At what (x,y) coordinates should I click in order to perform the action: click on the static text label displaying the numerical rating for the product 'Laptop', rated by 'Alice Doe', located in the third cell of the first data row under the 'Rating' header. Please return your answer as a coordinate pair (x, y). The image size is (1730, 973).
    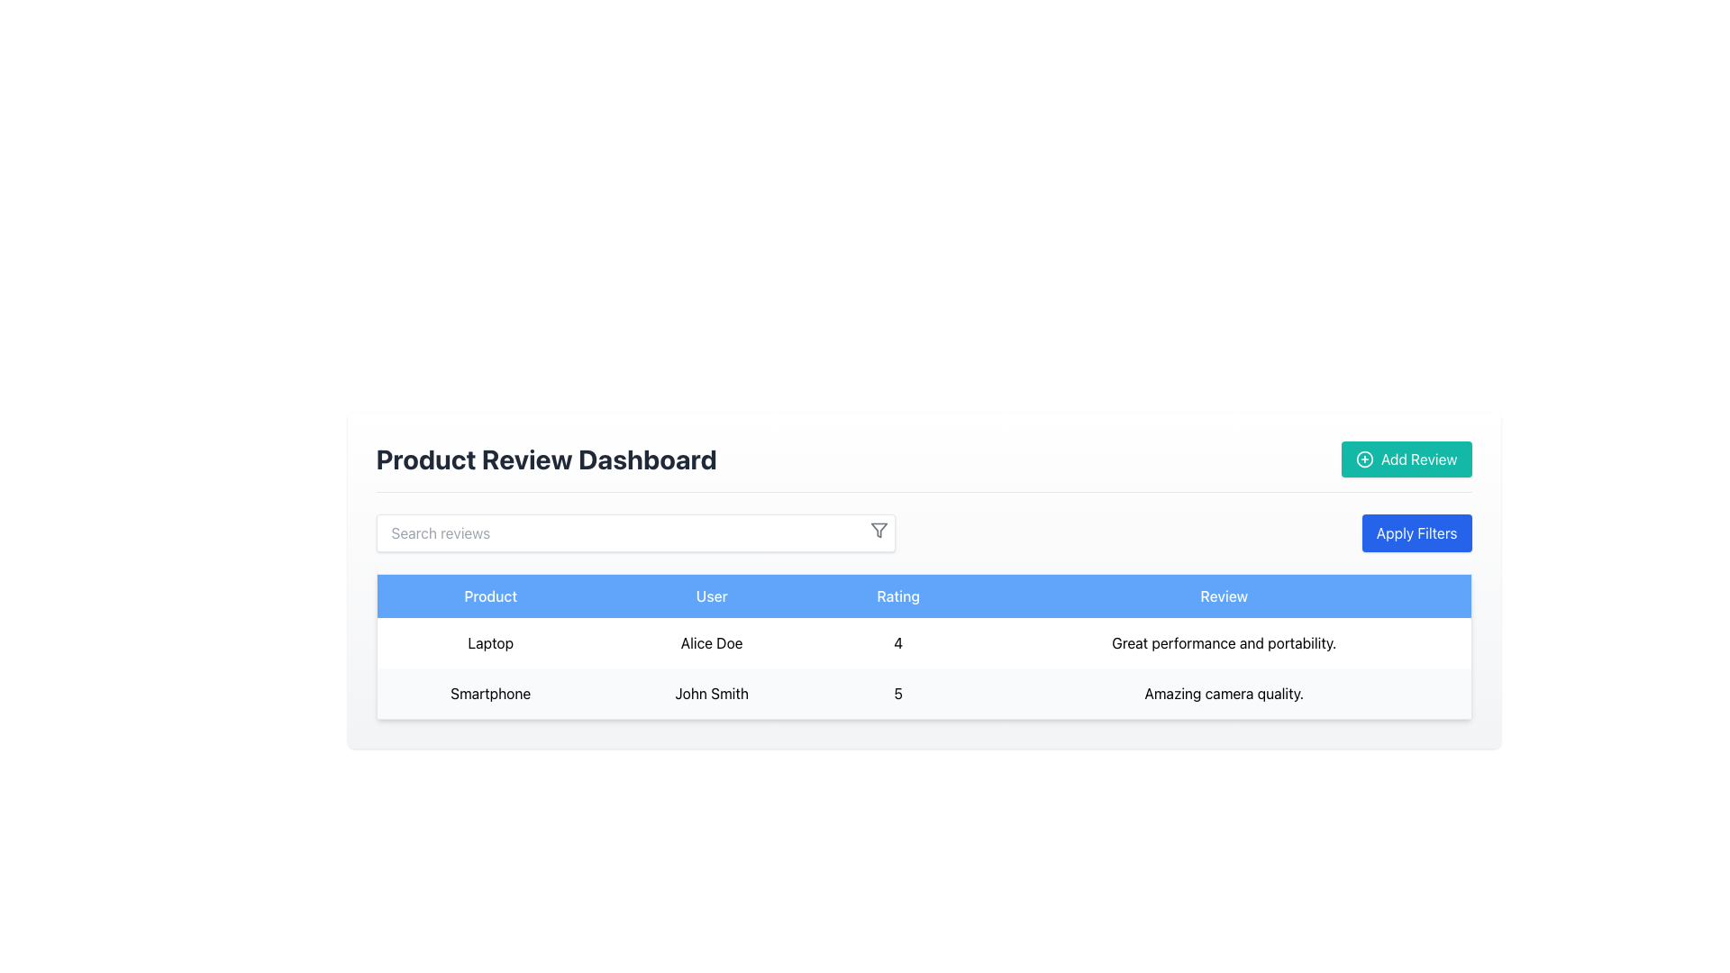
    Looking at the image, I should click on (898, 641).